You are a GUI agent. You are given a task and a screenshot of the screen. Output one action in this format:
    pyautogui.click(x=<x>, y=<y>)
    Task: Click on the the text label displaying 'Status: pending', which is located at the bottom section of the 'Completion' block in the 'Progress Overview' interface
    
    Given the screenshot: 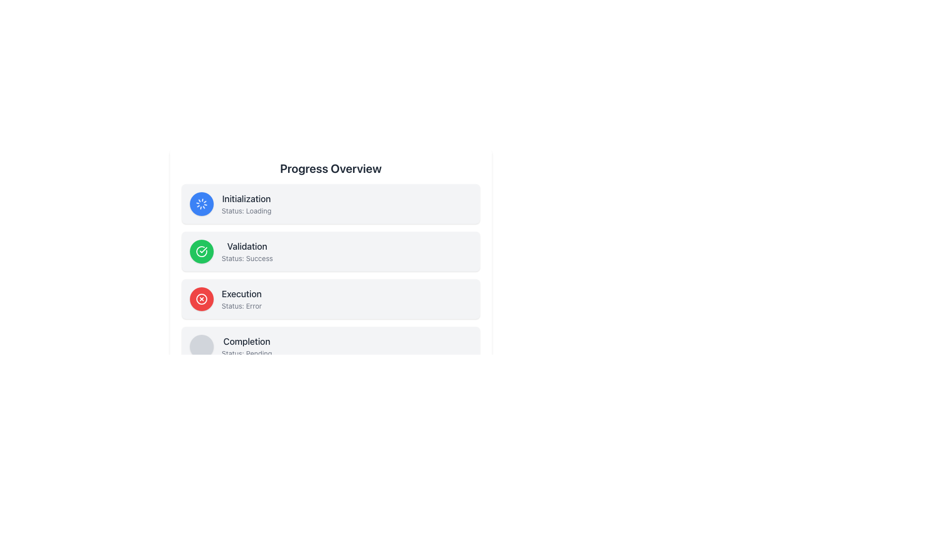 What is the action you would take?
    pyautogui.click(x=246, y=353)
    